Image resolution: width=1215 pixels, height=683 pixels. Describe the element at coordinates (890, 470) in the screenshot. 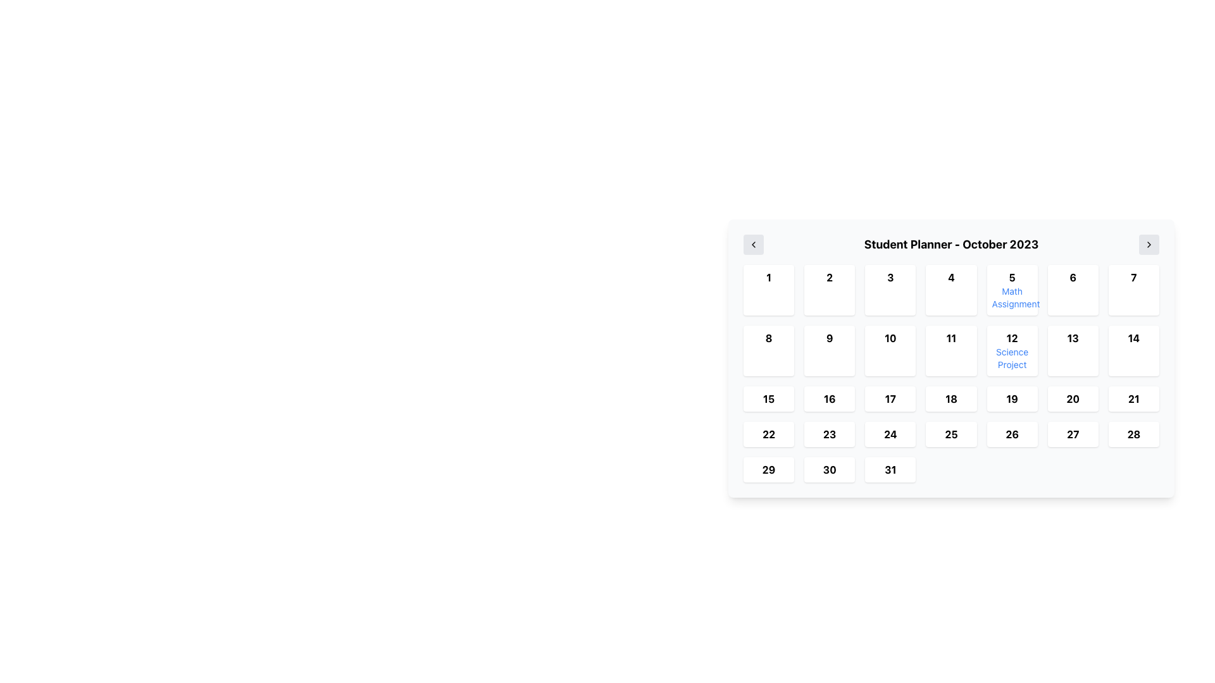

I see `the bold black number '31' in the calendar interface, which is located in the fifth row and second column of the grid` at that location.